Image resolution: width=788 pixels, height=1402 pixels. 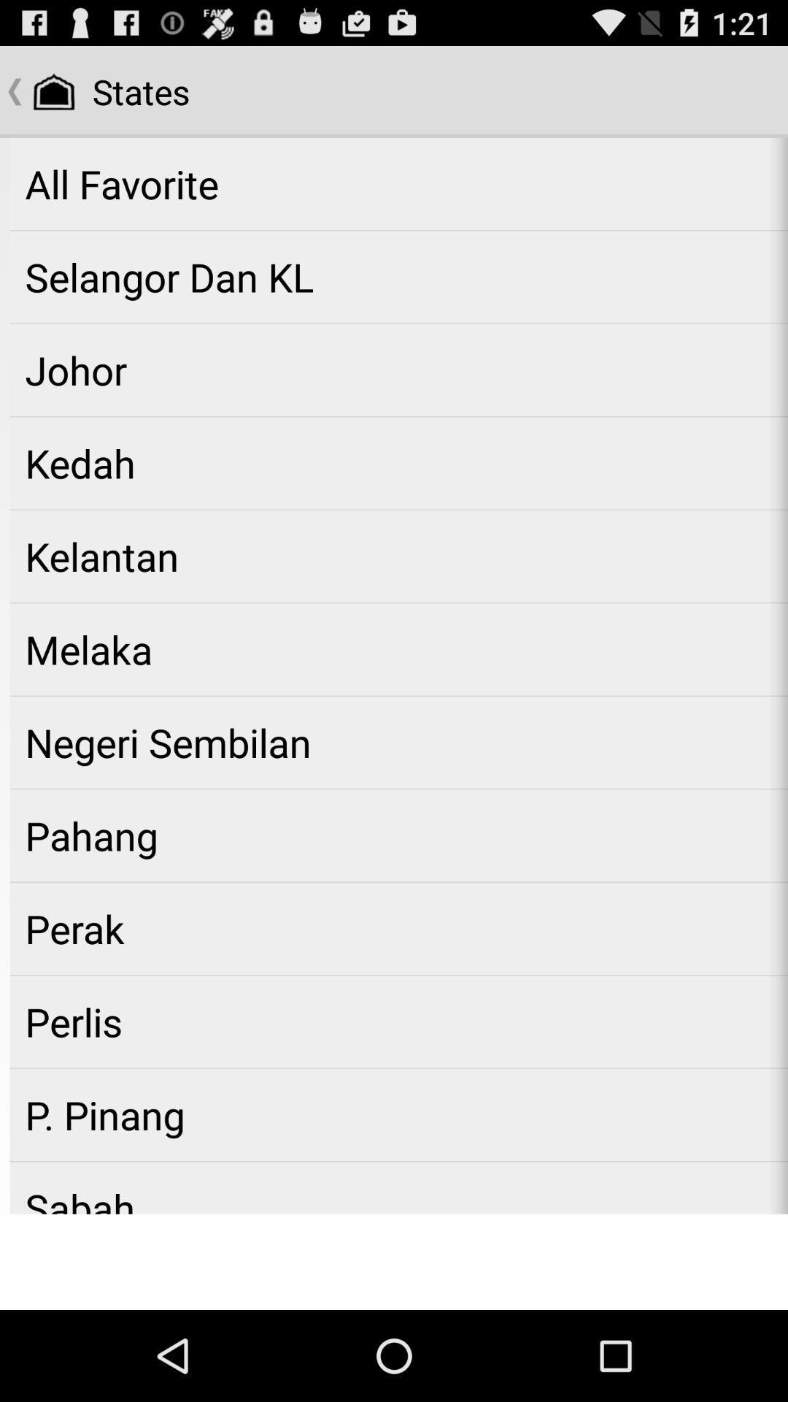 I want to click on perlis, so click(x=398, y=1021).